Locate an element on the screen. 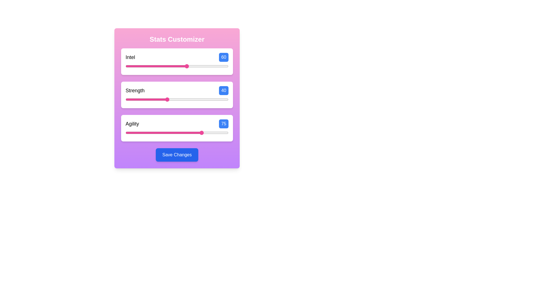 The image size is (537, 302). the agility value is located at coordinates (165, 133).